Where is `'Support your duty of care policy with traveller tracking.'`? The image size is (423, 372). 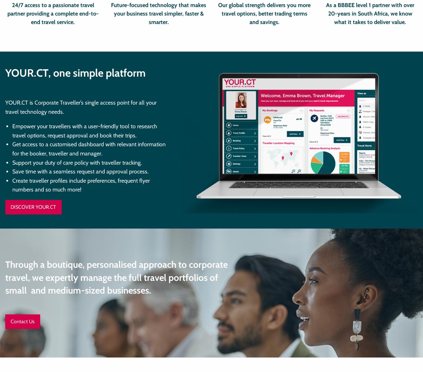 'Support your duty of care policy with traveller tracking.' is located at coordinates (76, 162).